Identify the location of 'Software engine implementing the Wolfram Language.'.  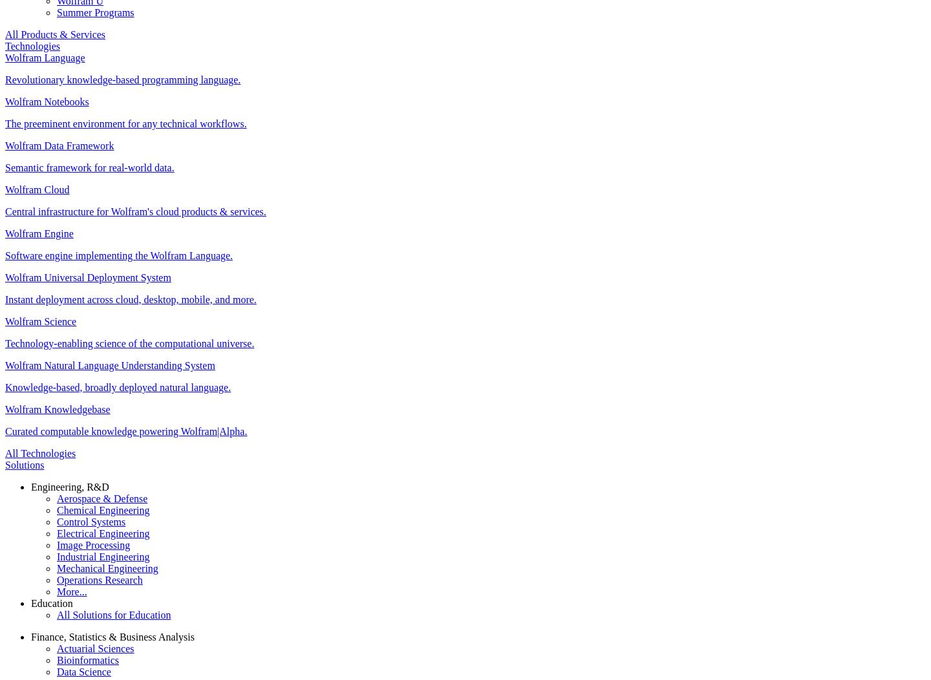
(119, 255).